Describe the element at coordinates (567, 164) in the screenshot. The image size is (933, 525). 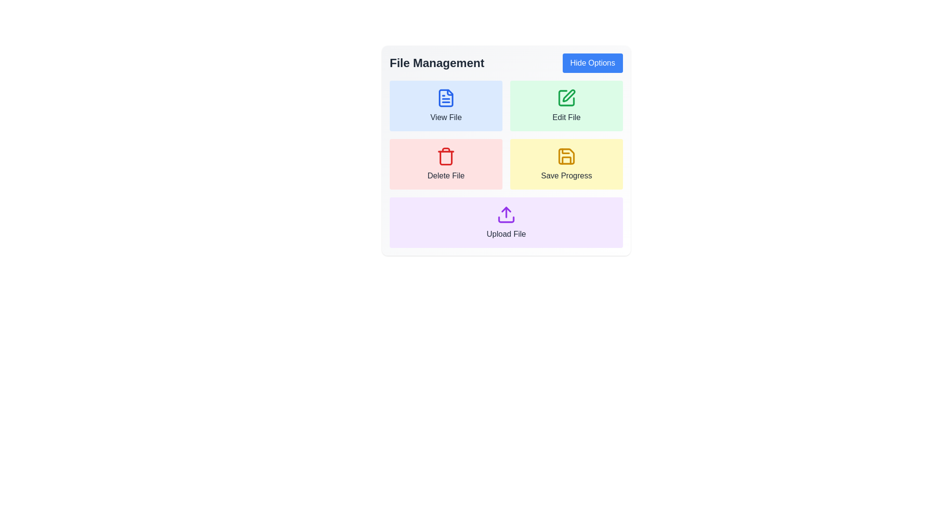
I see `the rectangular button with a yellow background and a save icon above the text 'Save Progress'` at that location.